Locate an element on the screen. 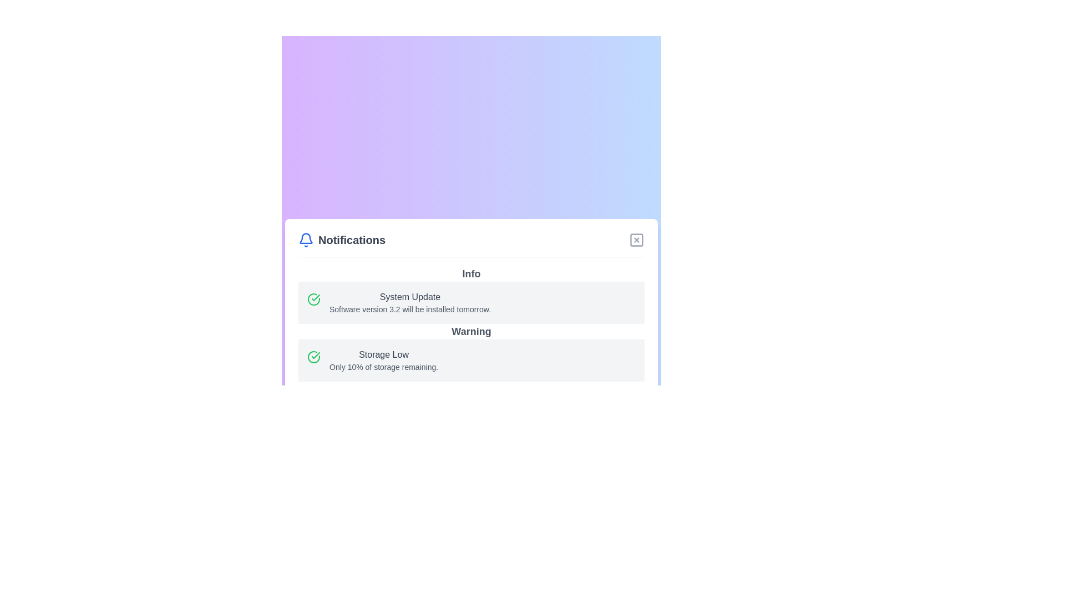  the notifications icon located at the top center of the interface, which indicates updates or alerts and is aligned to the left of the 'Notifications' text is located at coordinates (306, 239).